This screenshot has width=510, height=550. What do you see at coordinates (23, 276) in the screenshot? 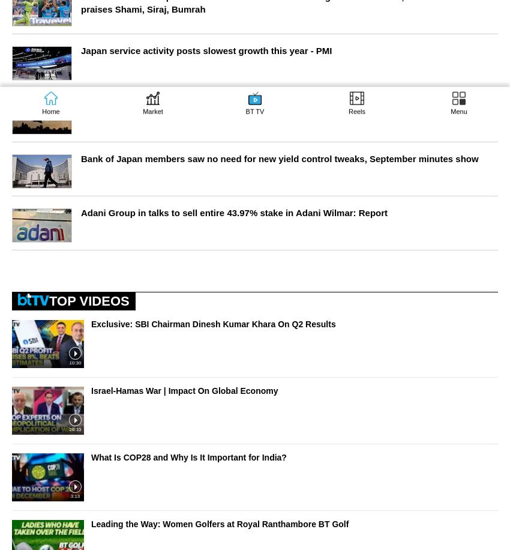
I see `'Auto'` at bounding box center [23, 276].